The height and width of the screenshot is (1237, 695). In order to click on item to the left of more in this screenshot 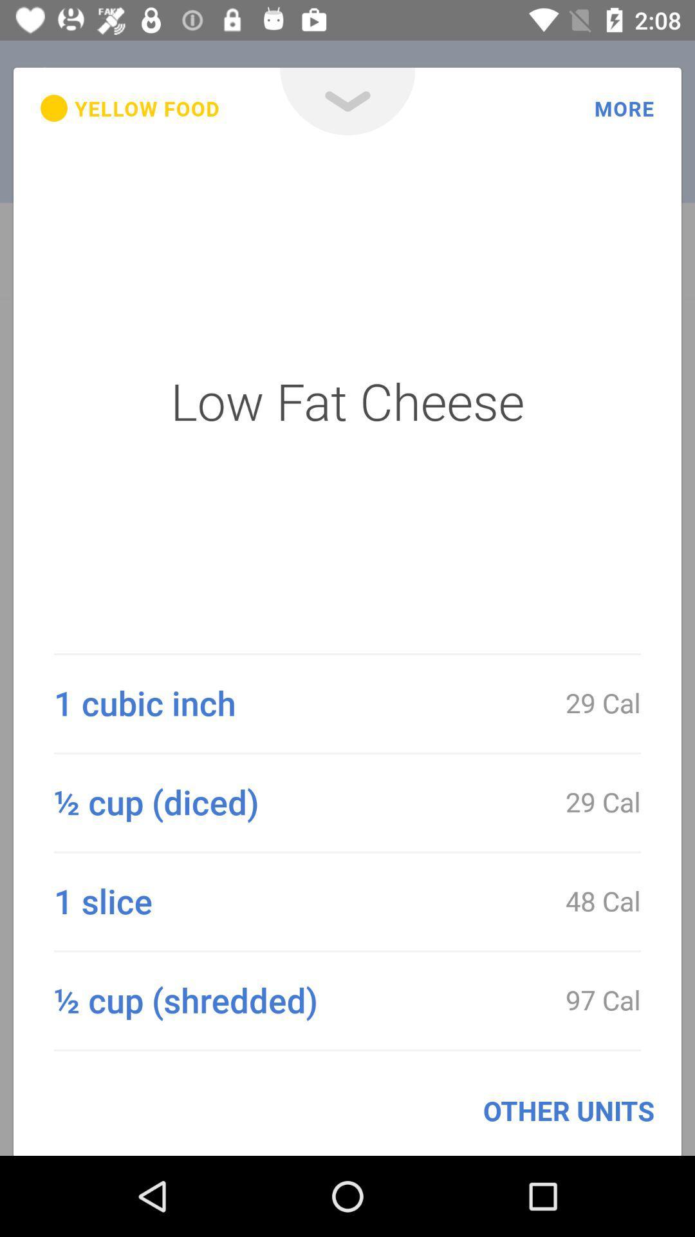, I will do `click(347, 101)`.